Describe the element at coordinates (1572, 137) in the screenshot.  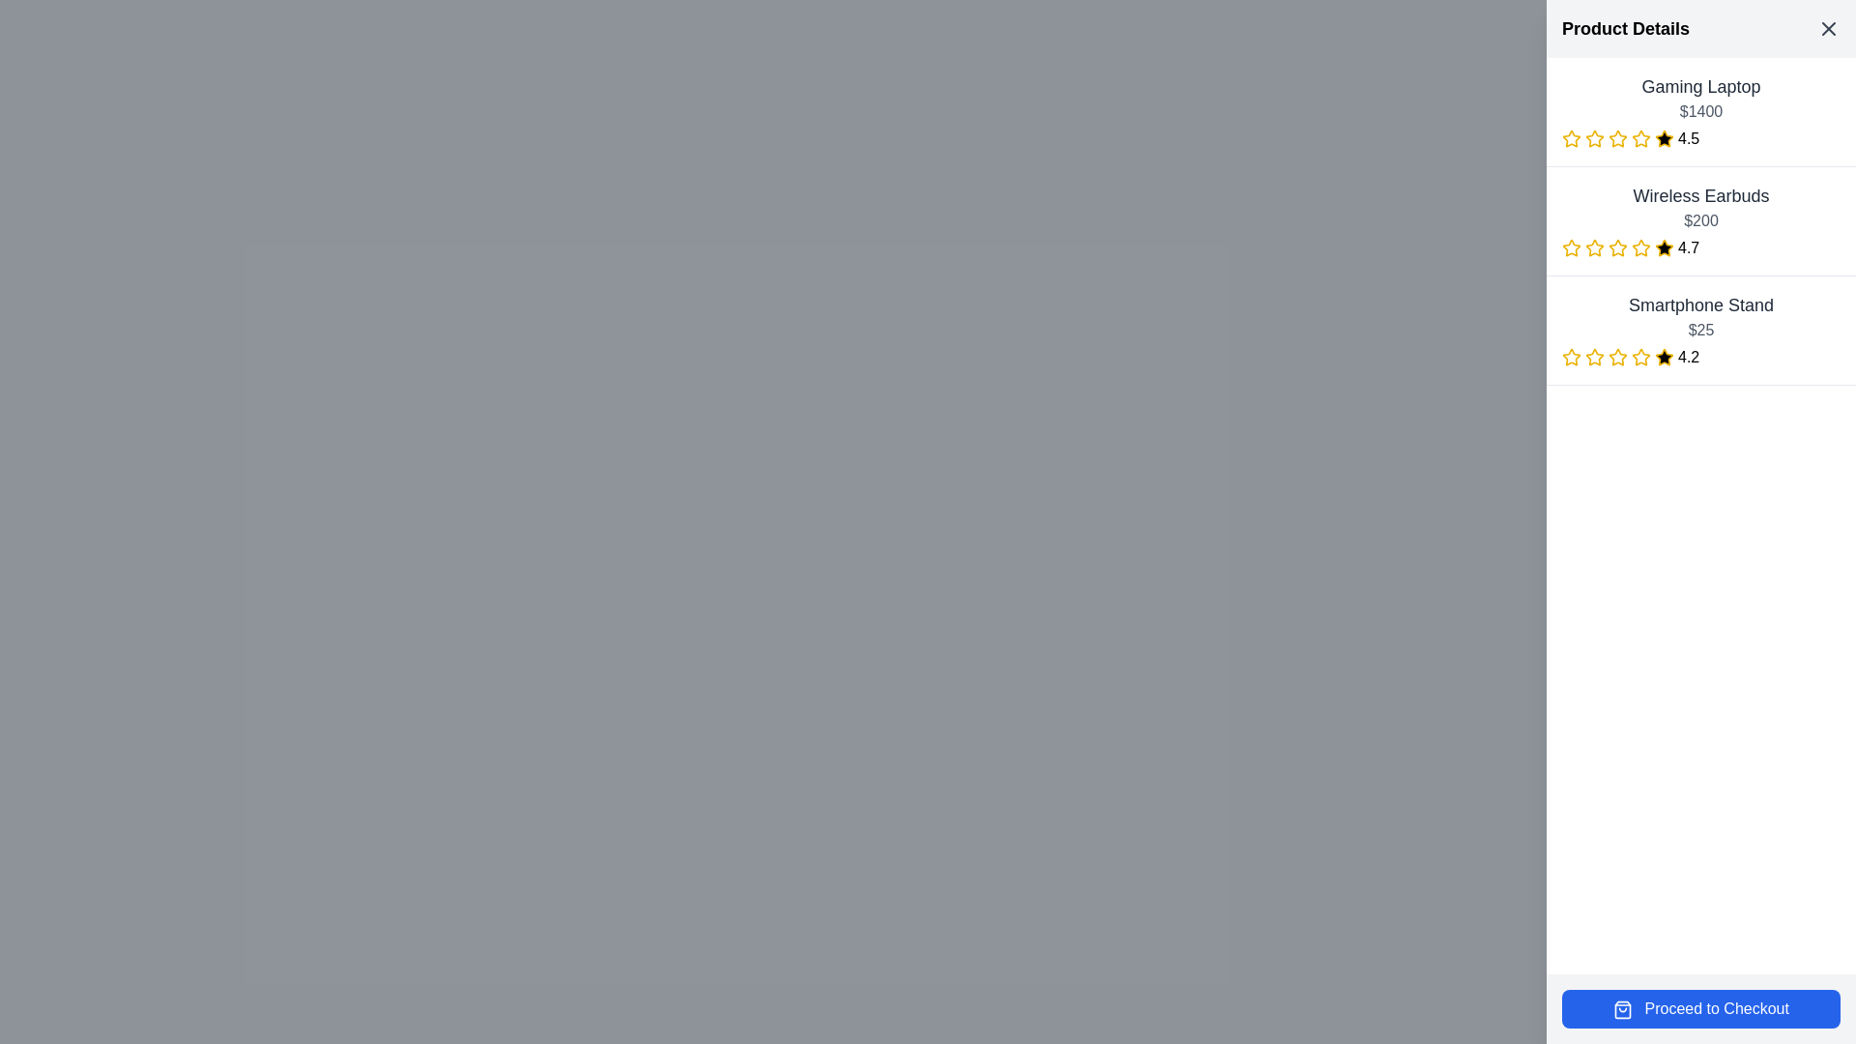
I see `the yellow star-shaped icon, which is the first star in the rating system for the 'Gaming Laptop' located in the 'Product Details' panel` at that location.